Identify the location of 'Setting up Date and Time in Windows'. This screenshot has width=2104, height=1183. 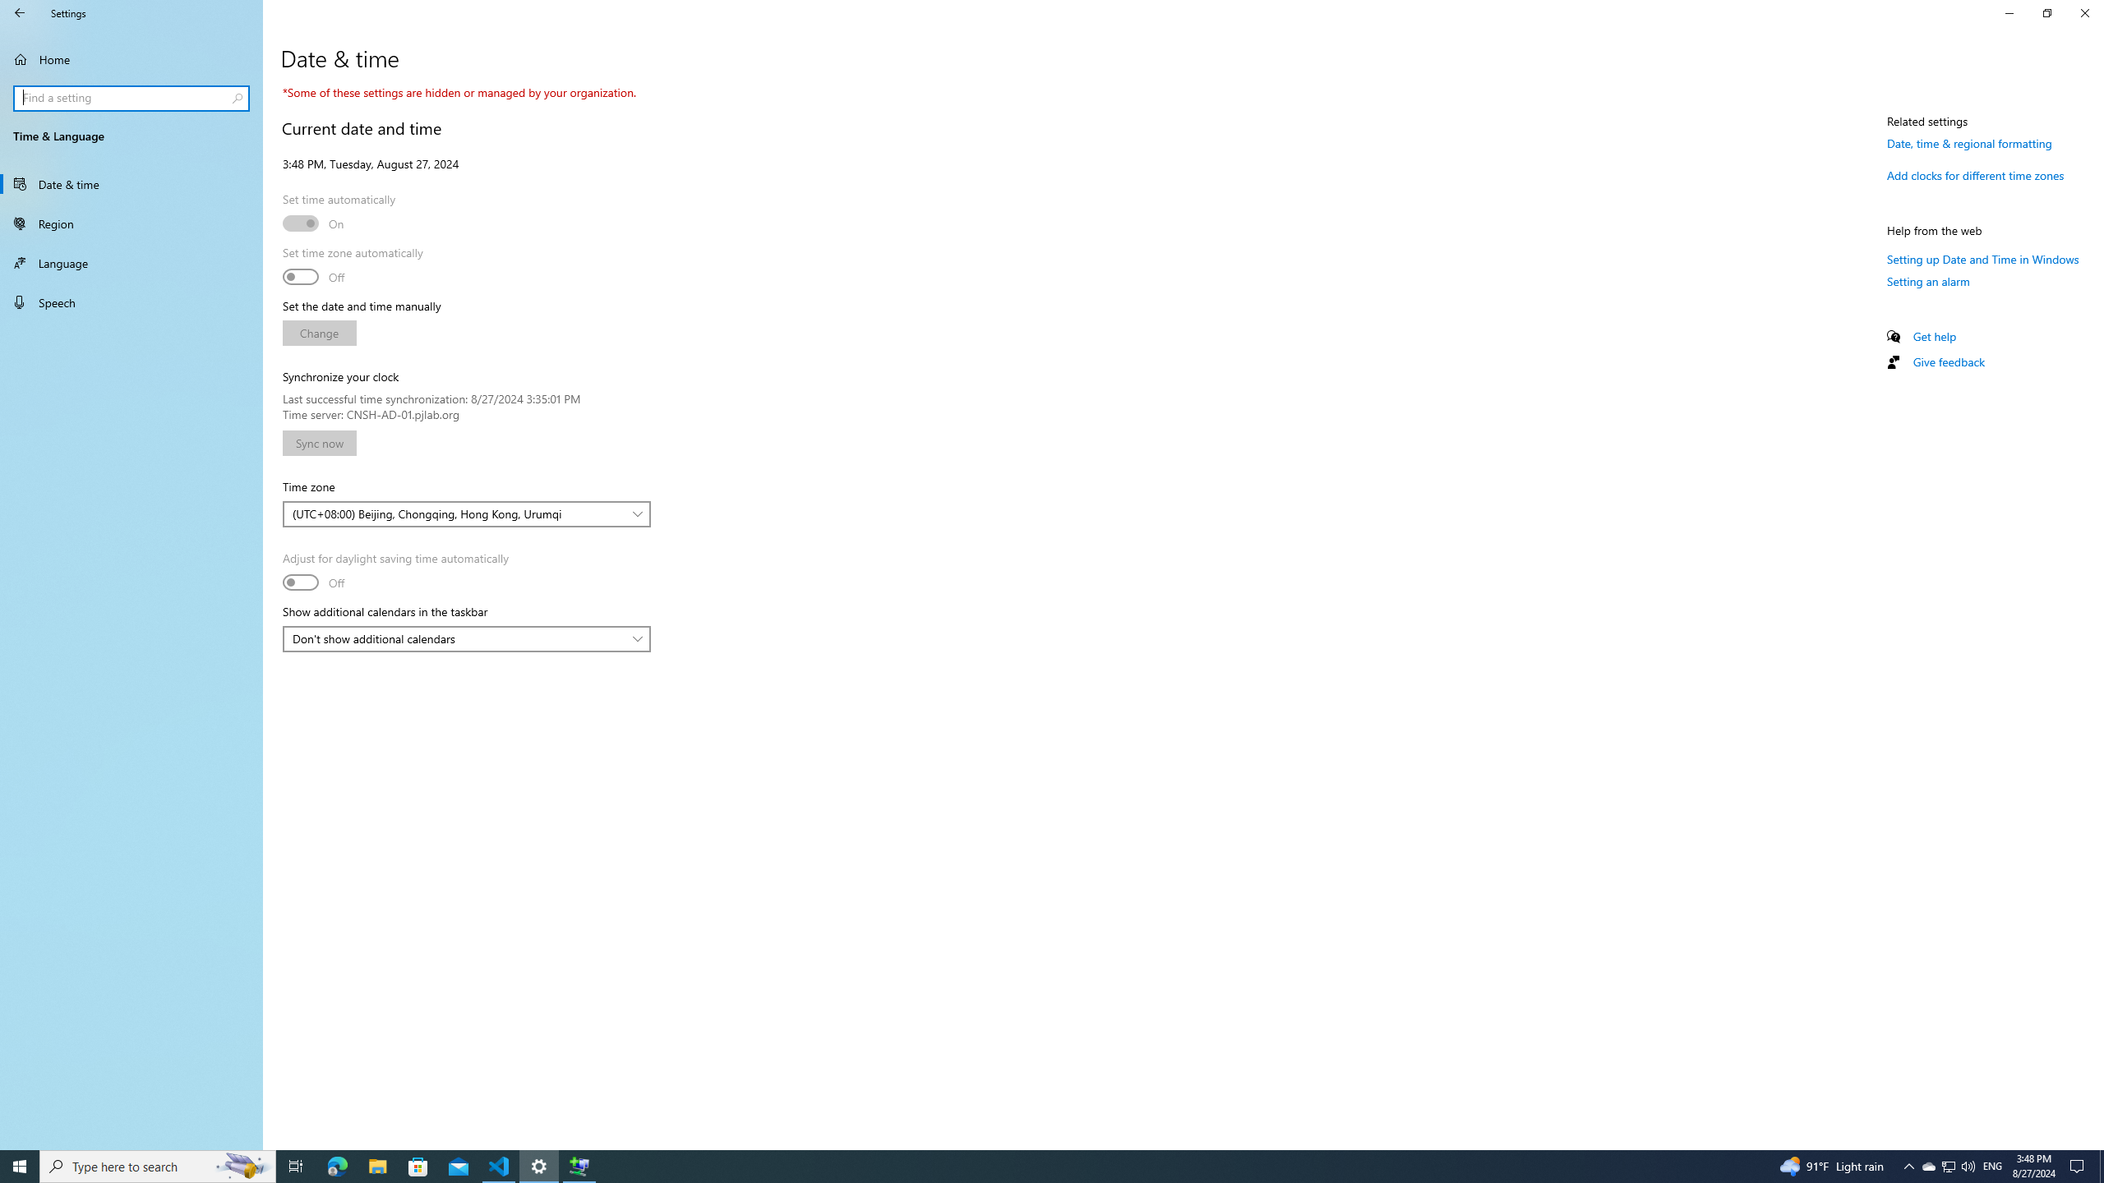
(1982, 258).